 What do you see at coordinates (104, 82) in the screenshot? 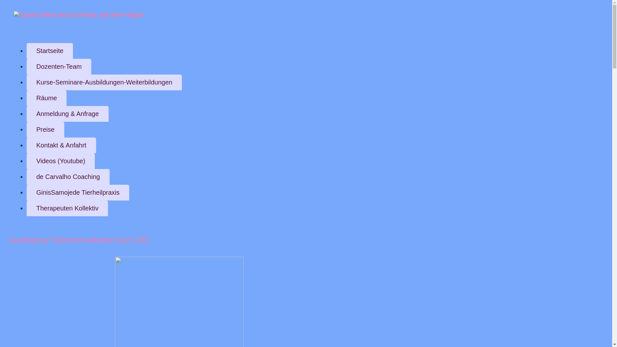
I see `'Kurse-Seminare-Ausbildungen-Weiterbildungen'` at bounding box center [104, 82].